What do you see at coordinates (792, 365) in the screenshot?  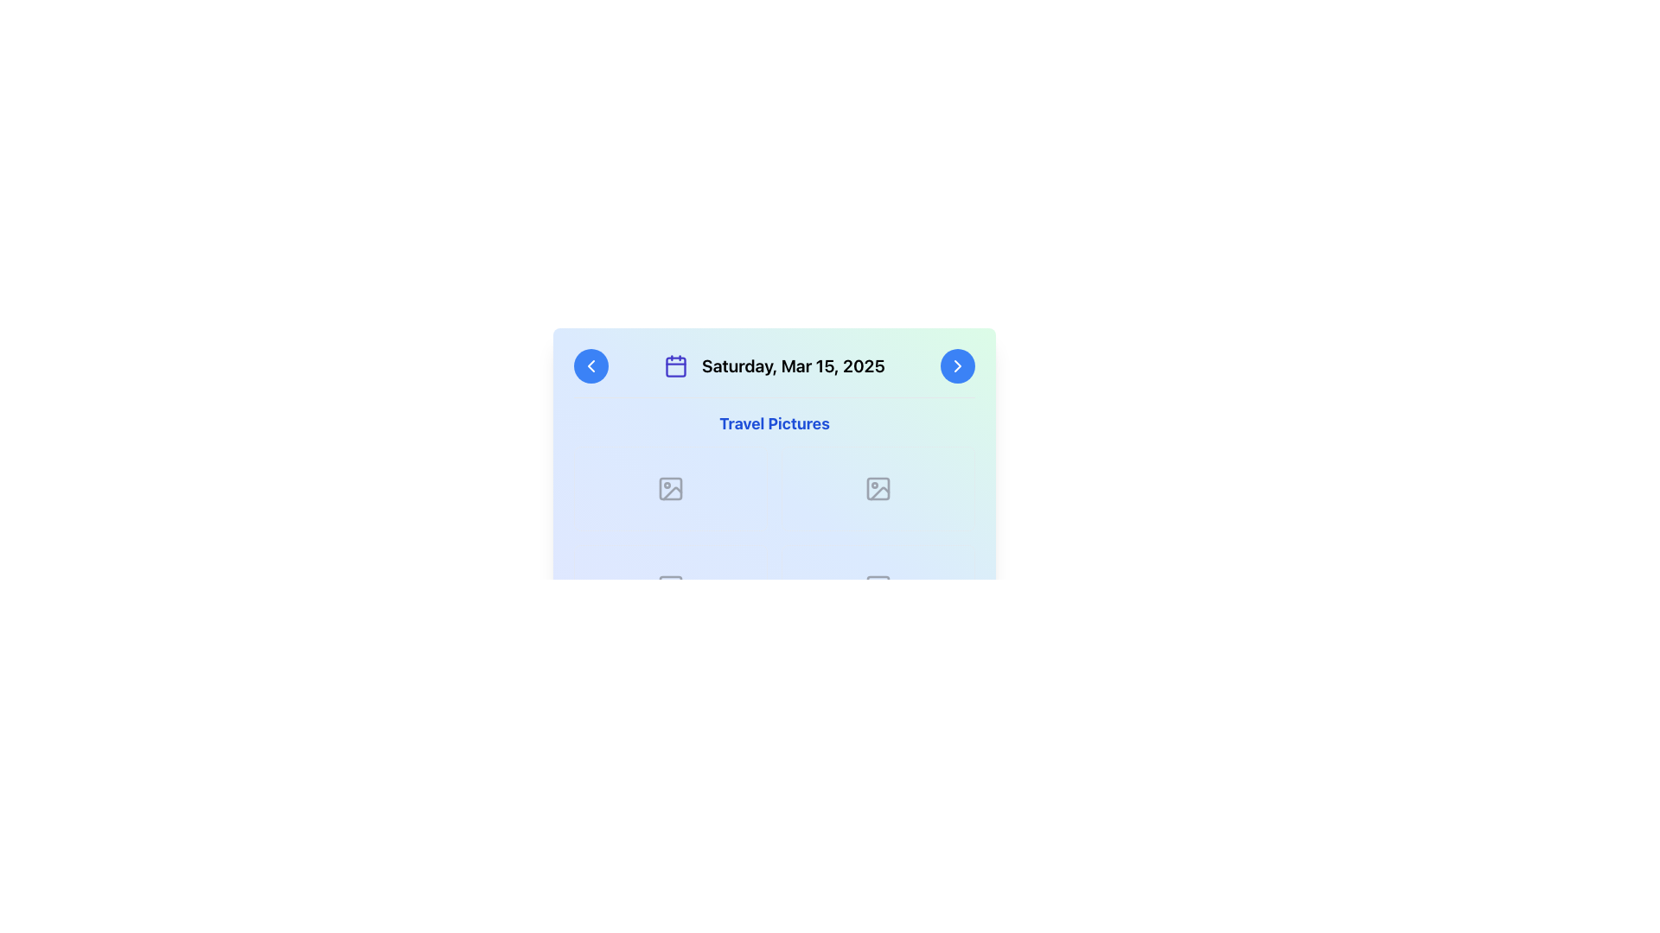 I see `the prominent text label displaying 'Saturday, Mar 15, 2025', which is styled in a bold, large font and located next to a calendar icon in the upper section of the interface` at bounding box center [792, 365].